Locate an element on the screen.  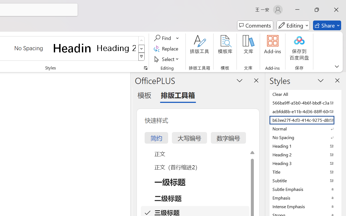
'Title' is located at coordinates (305, 171).